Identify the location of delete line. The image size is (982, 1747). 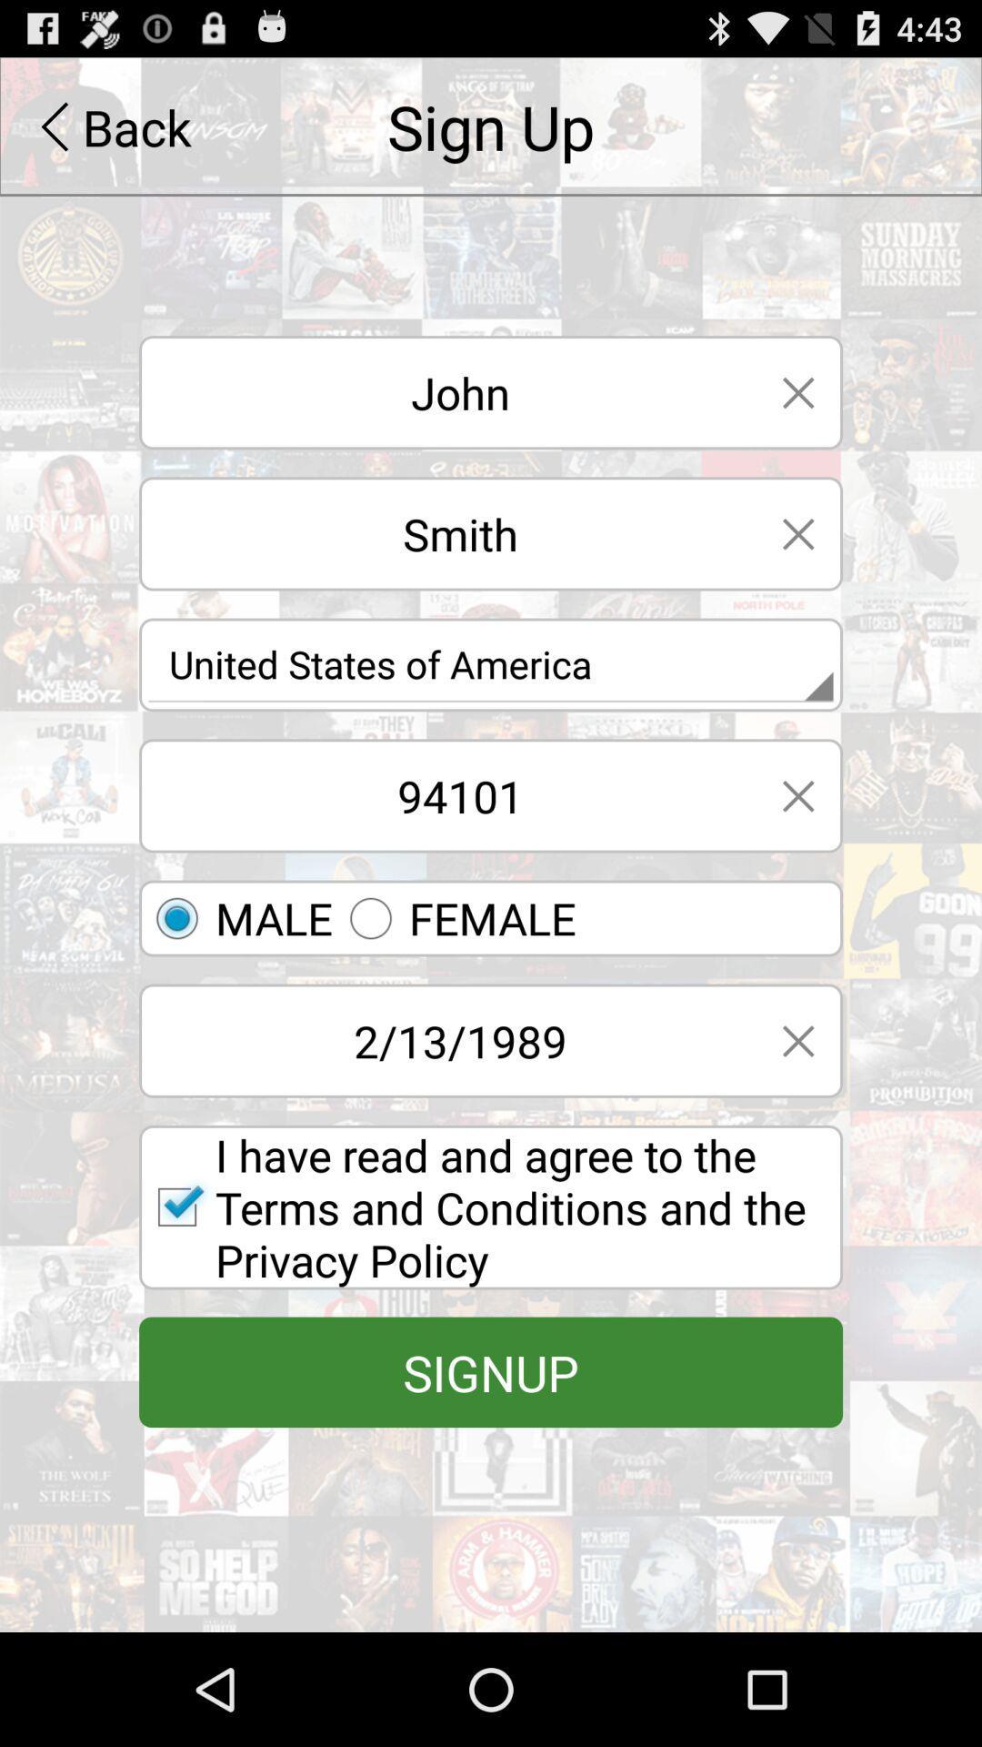
(797, 532).